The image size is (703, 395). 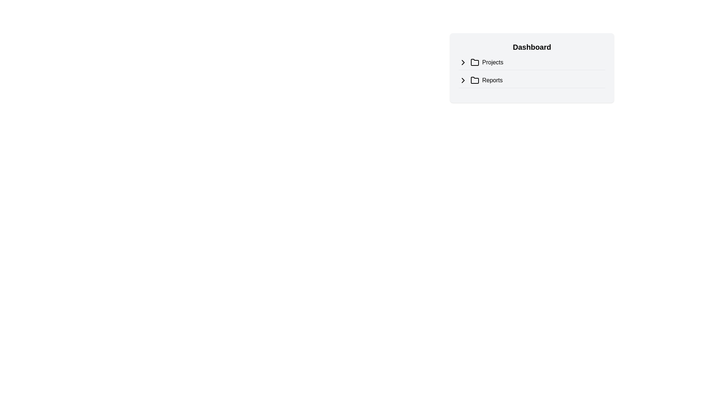 I want to click on the rightward-pointing chevron icon, which is a thin black line drawing located in the navigation panel adjacent to the 'Projects' label, so click(x=463, y=62).